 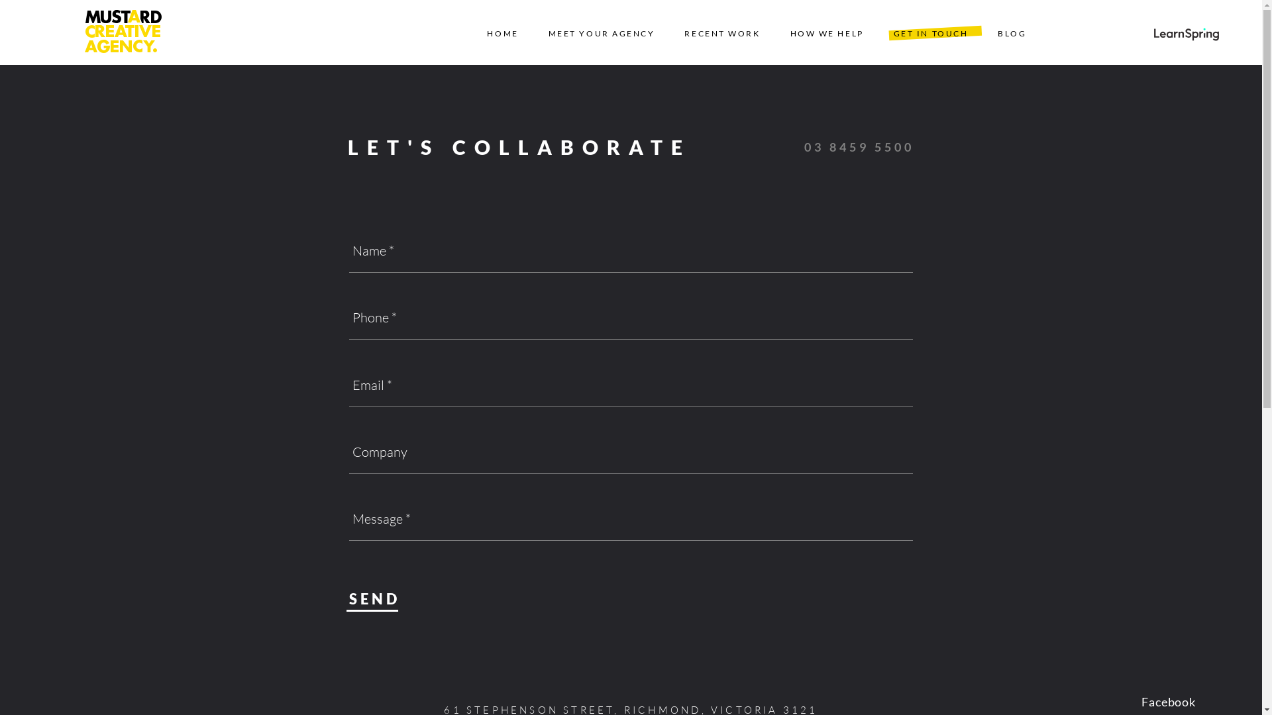 What do you see at coordinates (721, 32) in the screenshot?
I see `'RECENT WORK'` at bounding box center [721, 32].